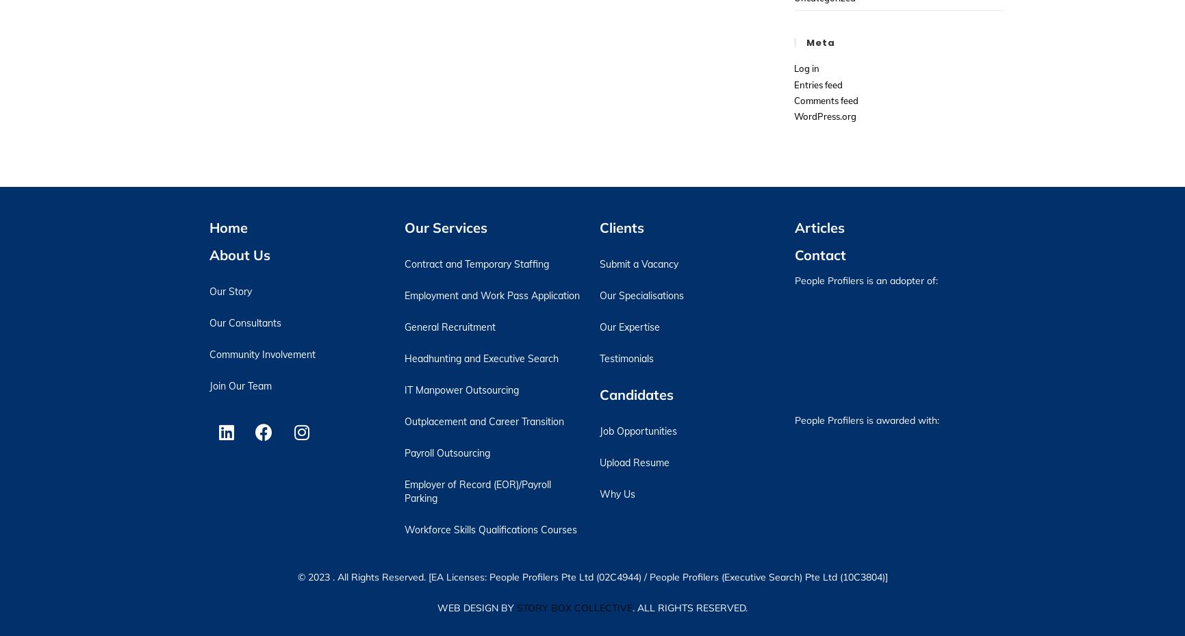 This screenshot has height=636, width=1185. I want to click on 'Community Involvement', so click(208, 353).